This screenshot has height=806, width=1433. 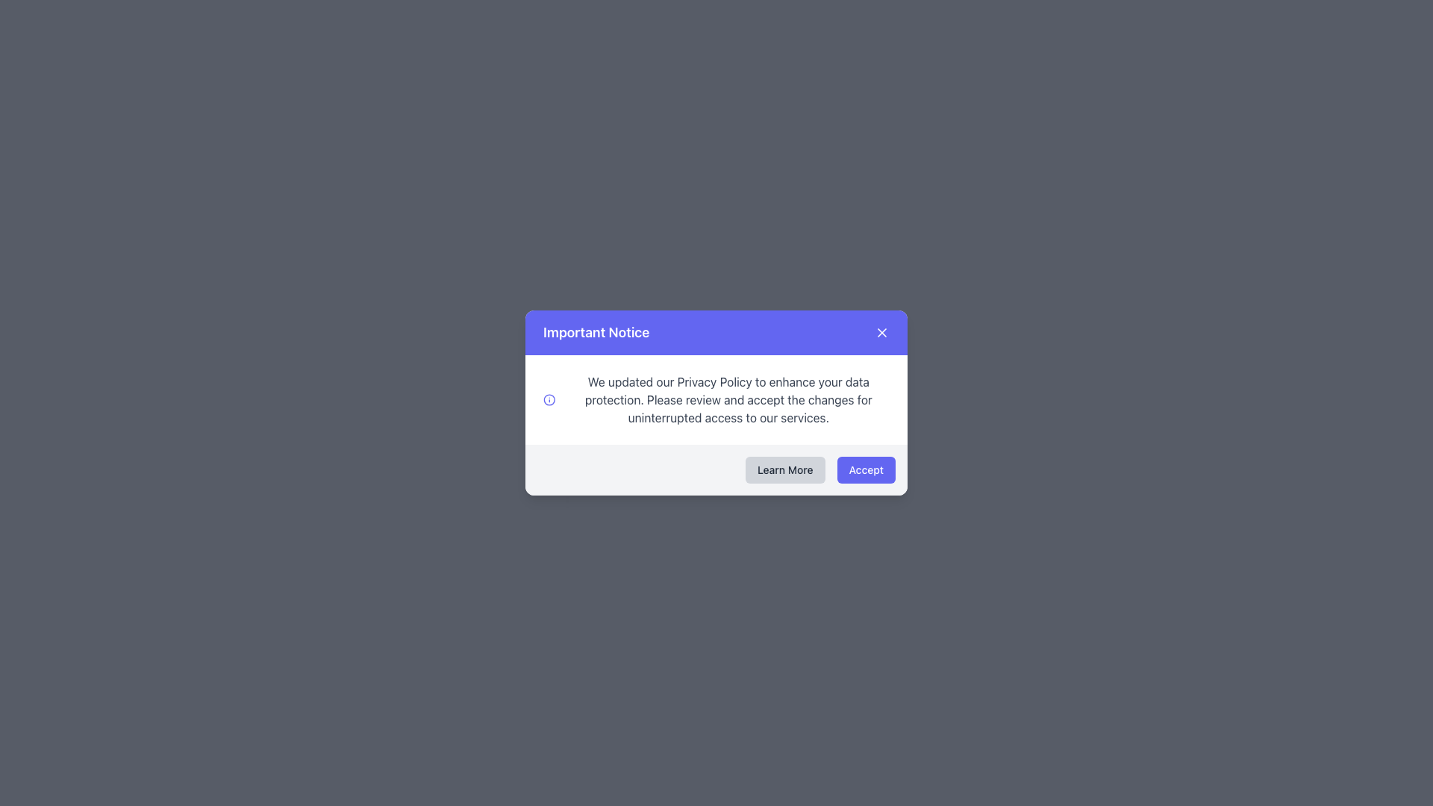 I want to click on the circular 'info' icon styled in blueish-indigo color, positioned to the left of the descriptive text message in the notification layout, so click(x=549, y=399).